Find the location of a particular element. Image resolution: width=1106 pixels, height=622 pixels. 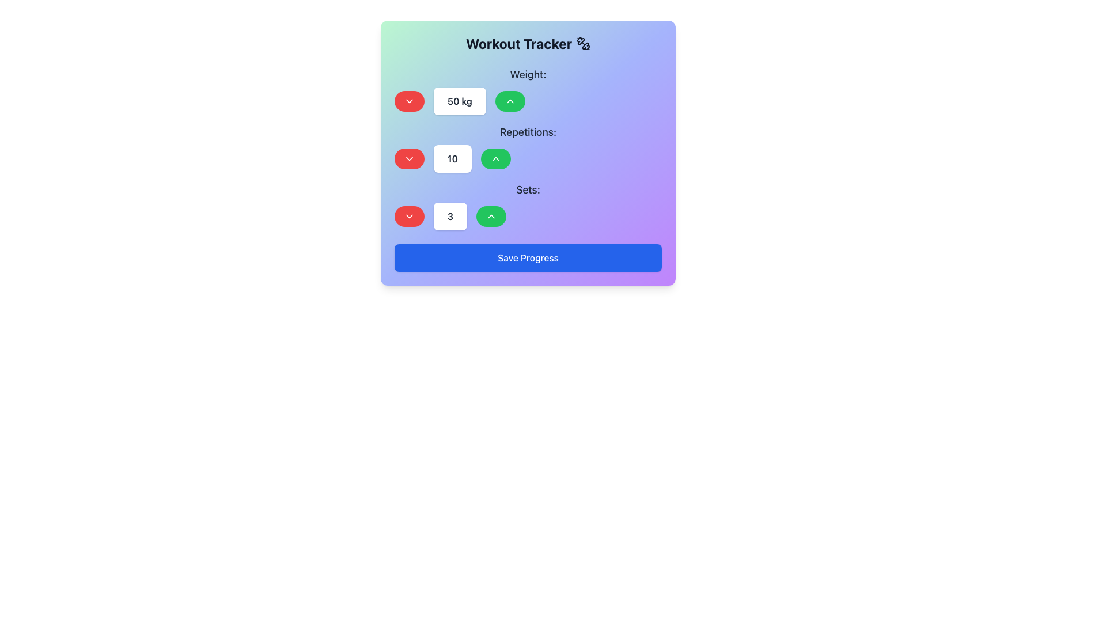

the chevron icon button located to the right of the 'Repetitions' numeric input field is located at coordinates (509, 101).